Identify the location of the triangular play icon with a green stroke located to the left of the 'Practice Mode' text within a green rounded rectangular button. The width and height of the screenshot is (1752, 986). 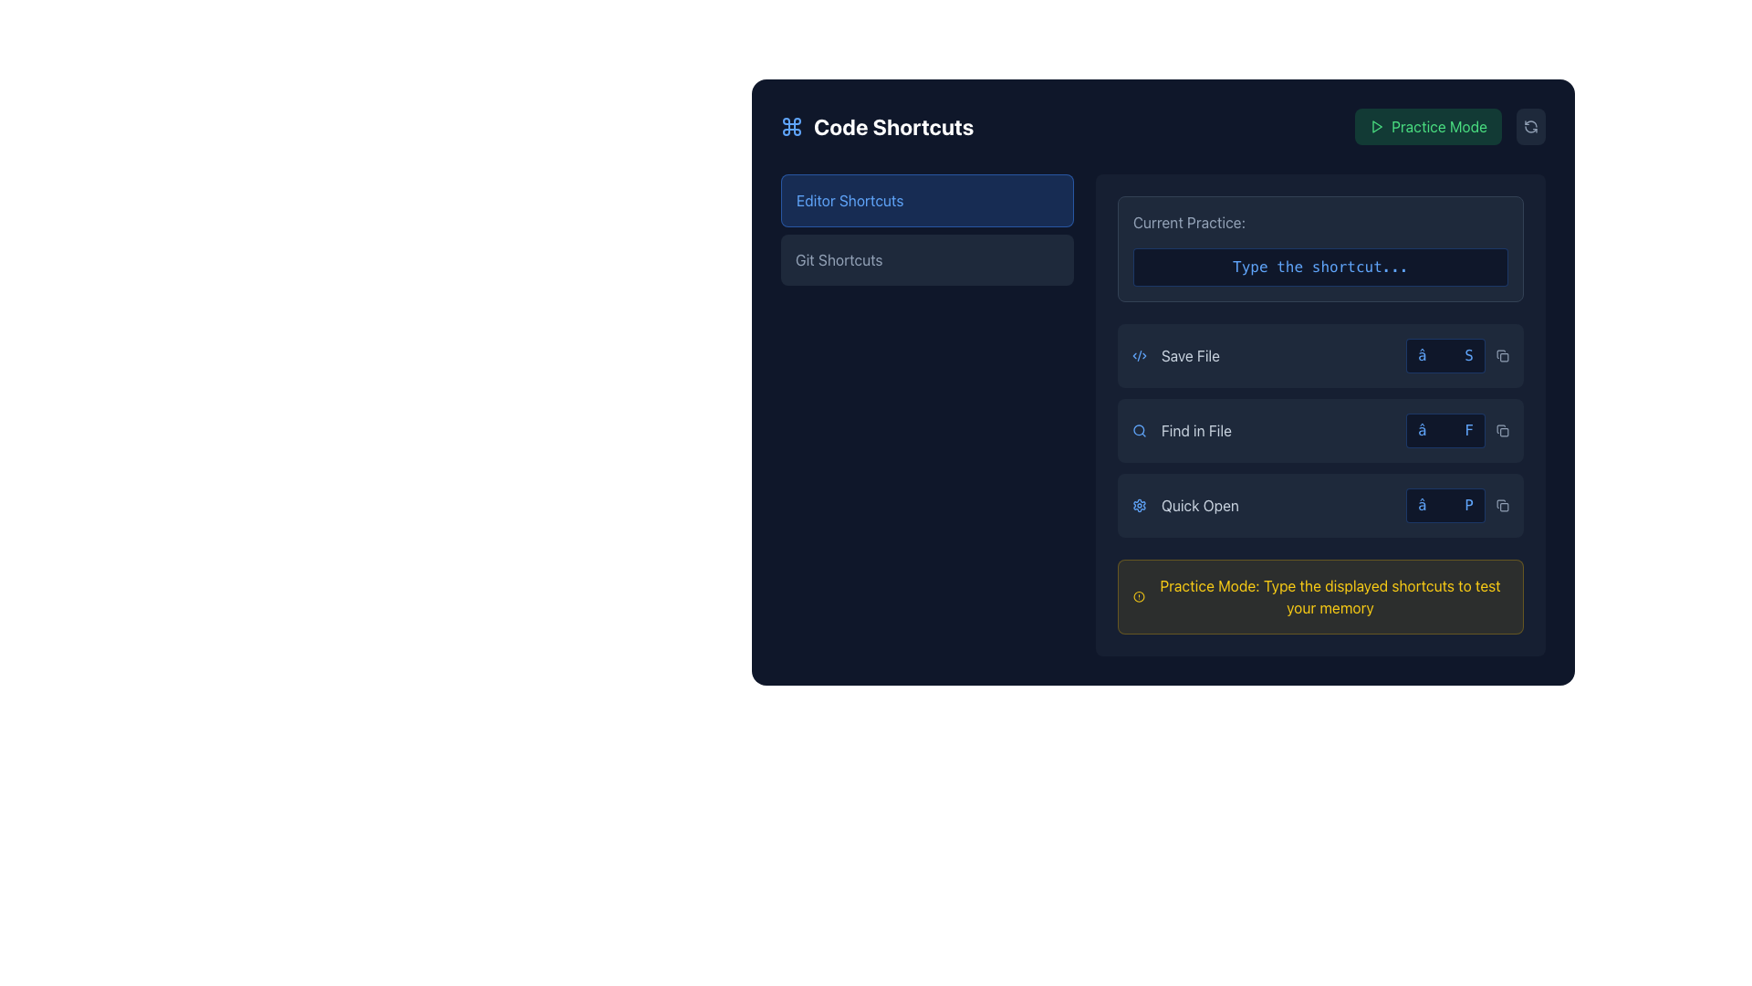
(1377, 125).